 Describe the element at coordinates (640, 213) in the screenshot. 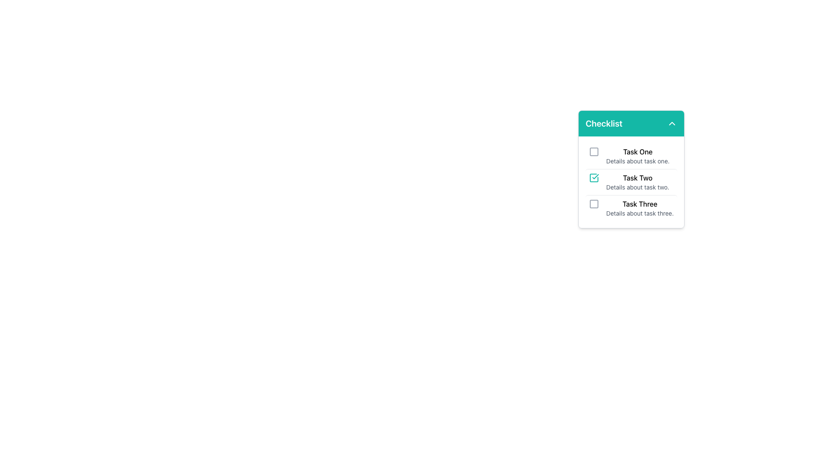

I see `the textual label displaying 'Details about task three.' located below the 'Task Three' heading in the checklist widget` at that location.